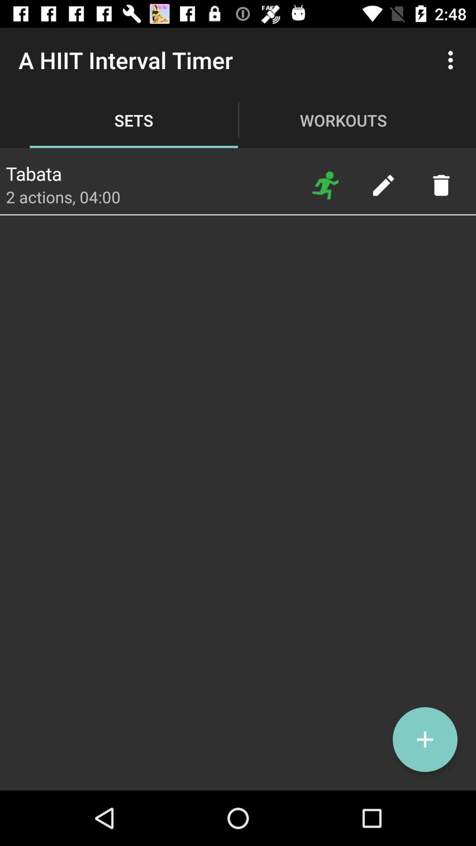  What do you see at coordinates (383, 185) in the screenshot?
I see `edit selection` at bounding box center [383, 185].